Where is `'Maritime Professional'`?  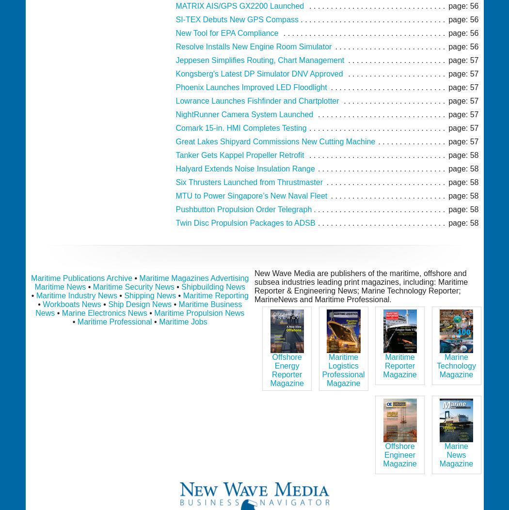 'Maritime Professional' is located at coordinates (77, 321).